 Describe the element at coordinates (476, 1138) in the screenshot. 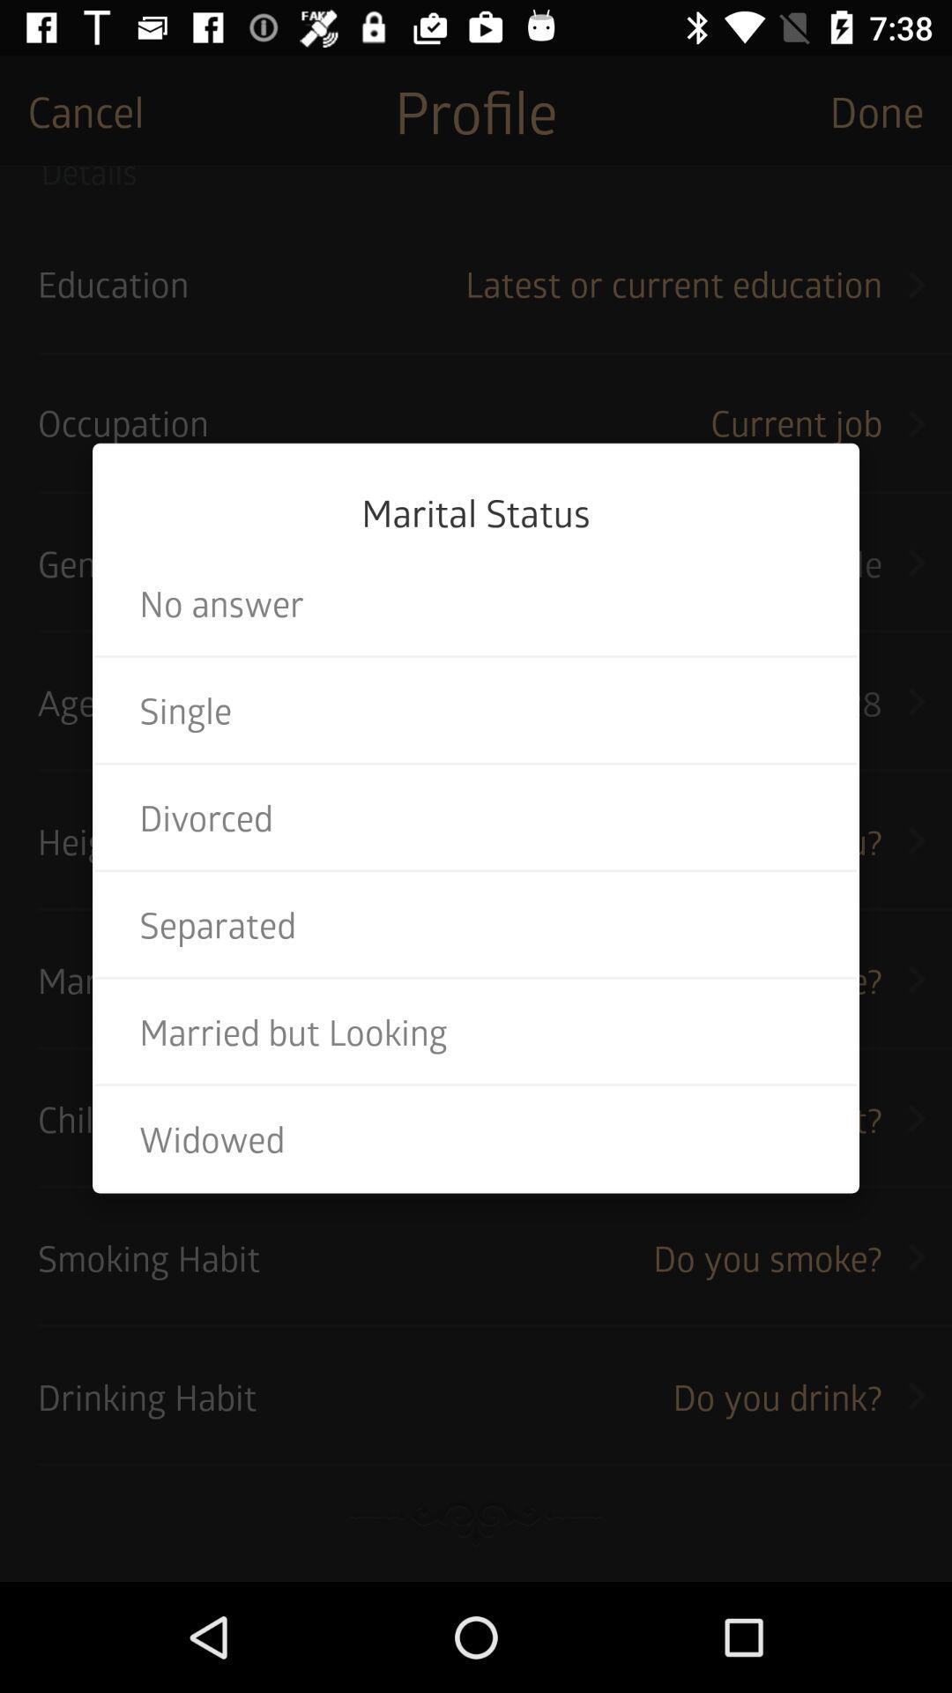

I see `widowed` at that location.